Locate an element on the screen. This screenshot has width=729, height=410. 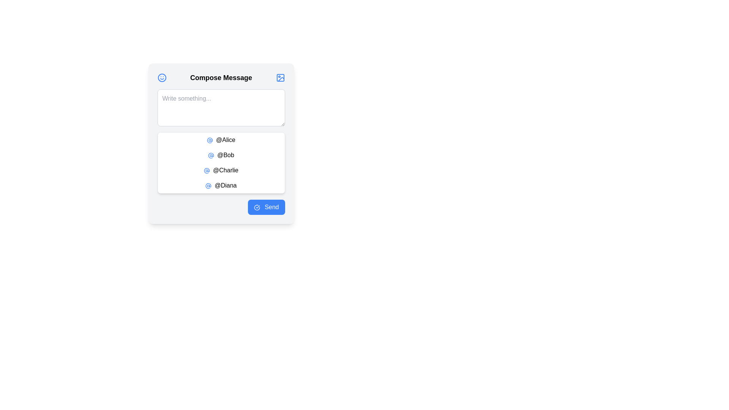
the usernames within the 'Compose Message' dialog box is located at coordinates (221, 143).